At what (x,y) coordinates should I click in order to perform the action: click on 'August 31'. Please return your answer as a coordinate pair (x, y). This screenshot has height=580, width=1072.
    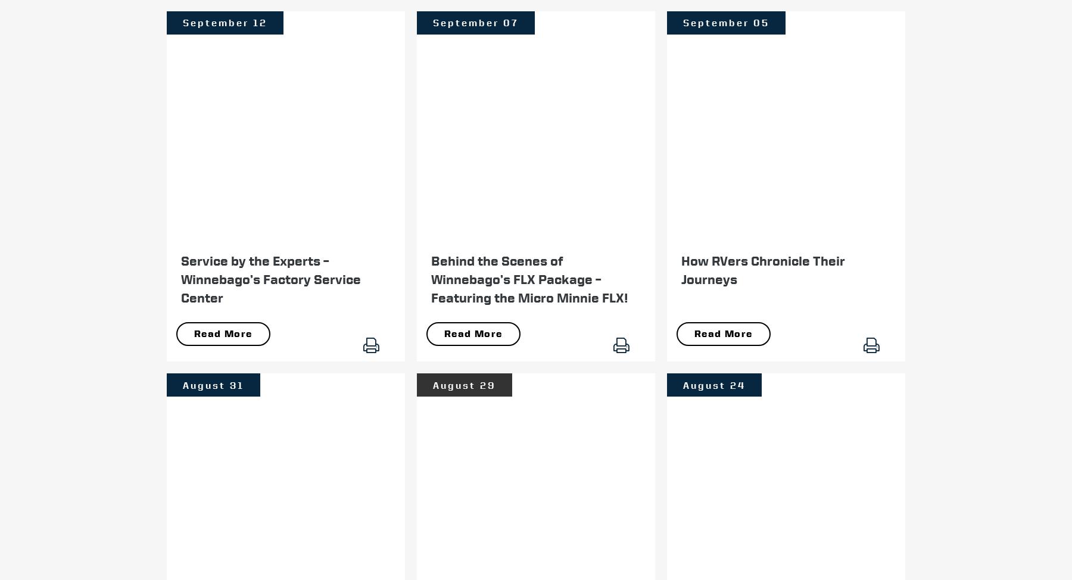
    Looking at the image, I should click on (213, 384).